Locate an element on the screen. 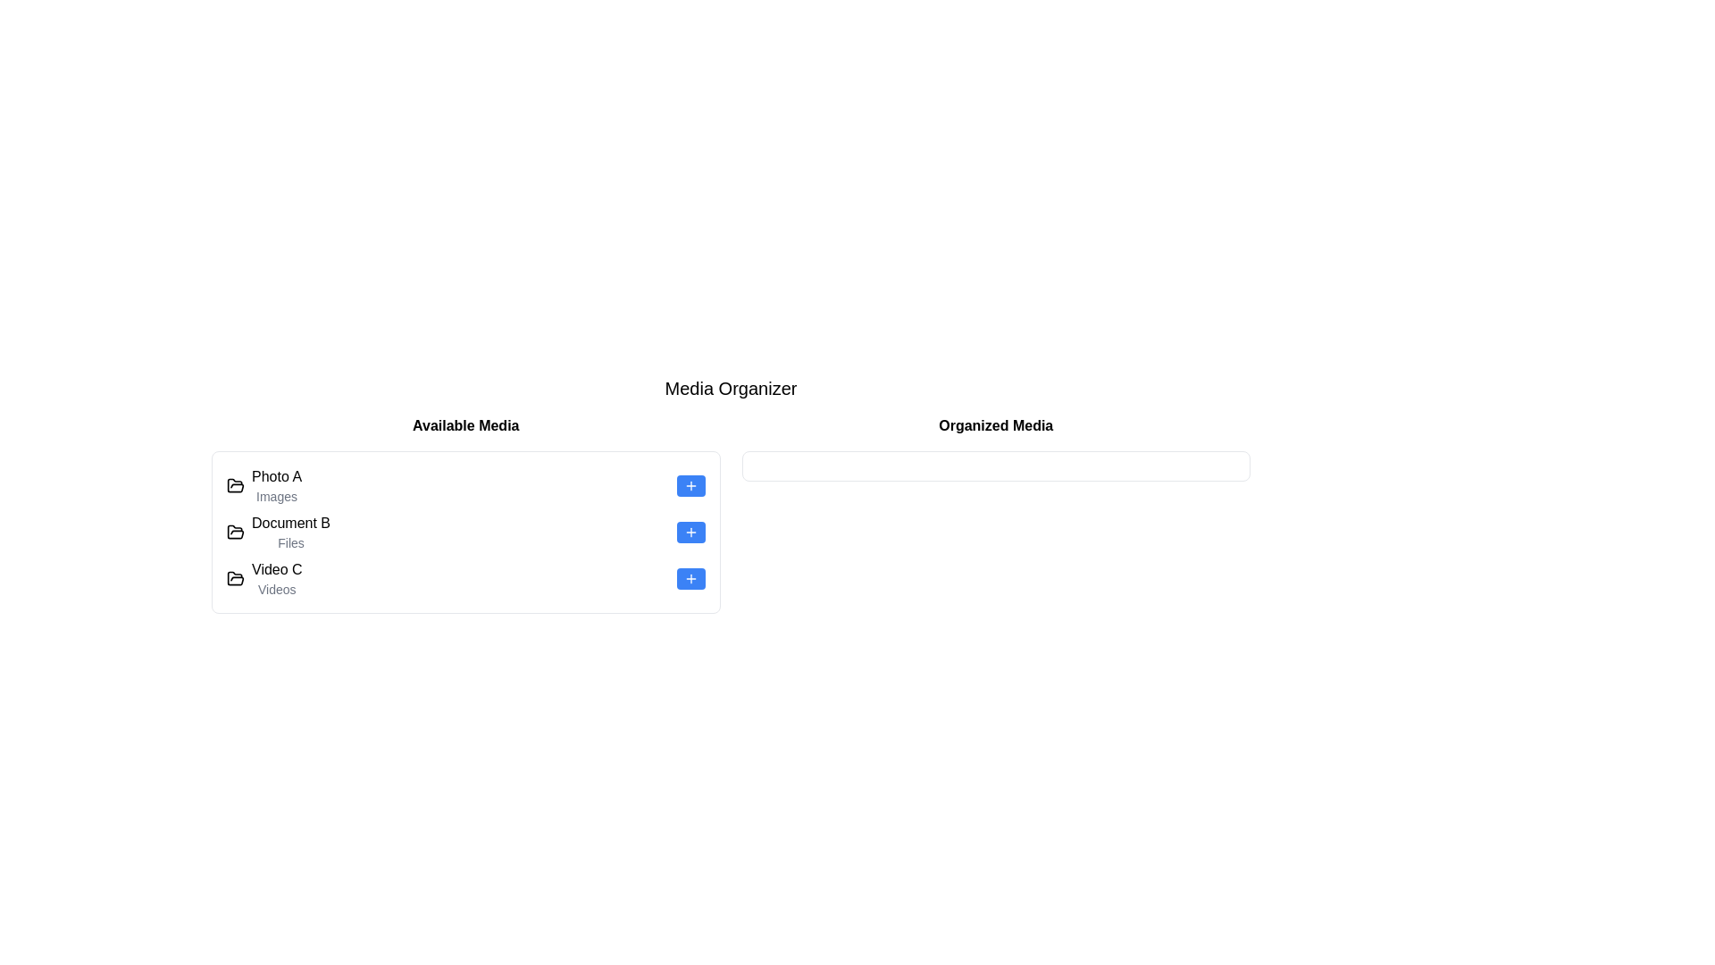 The height and width of the screenshot is (965, 1715). the Text Label indicating that the 'Video C' folder contains videos, which is the second item under the 'Available Media' section is located at coordinates (276, 589).